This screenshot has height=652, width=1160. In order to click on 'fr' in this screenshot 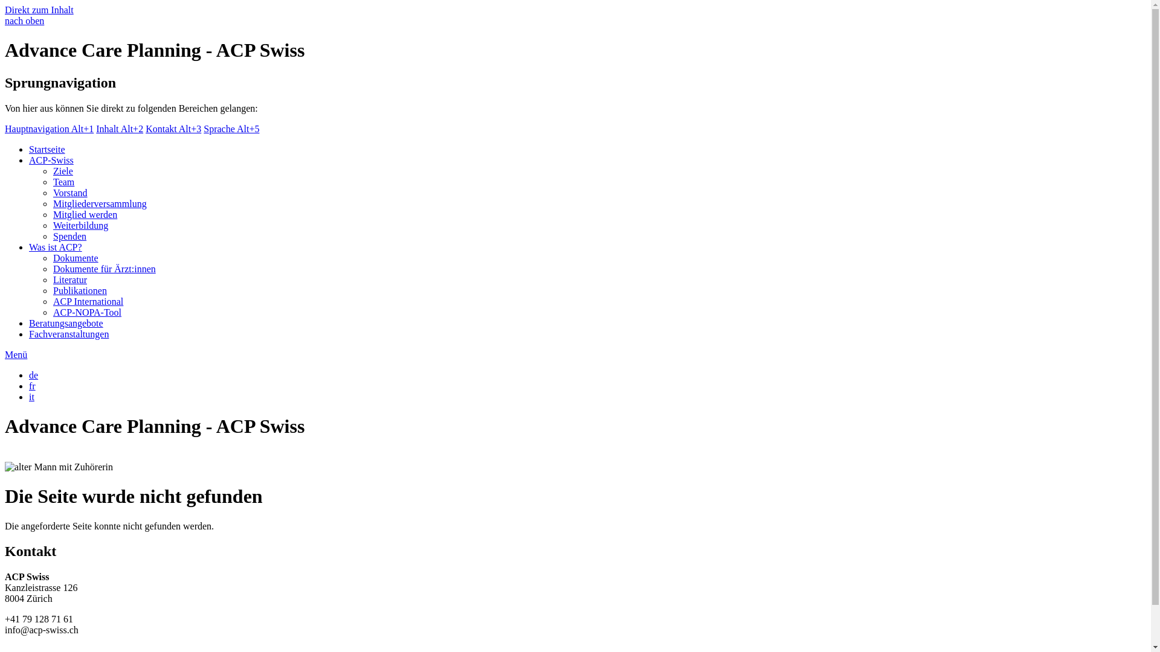, I will do `click(29, 386)`.